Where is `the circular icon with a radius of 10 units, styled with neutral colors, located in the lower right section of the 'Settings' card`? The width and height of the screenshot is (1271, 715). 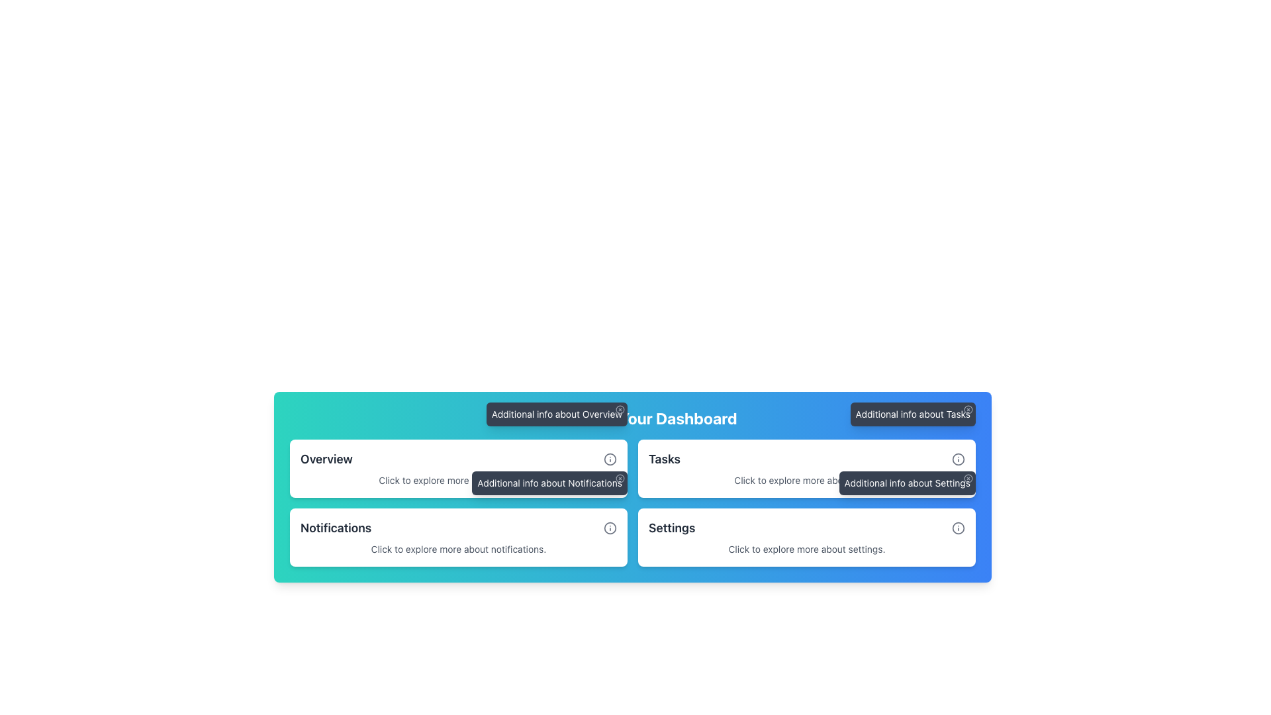 the circular icon with a radius of 10 units, styled with neutral colors, located in the lower right section of the 'Settings' card is located at coordinates (959, 528).